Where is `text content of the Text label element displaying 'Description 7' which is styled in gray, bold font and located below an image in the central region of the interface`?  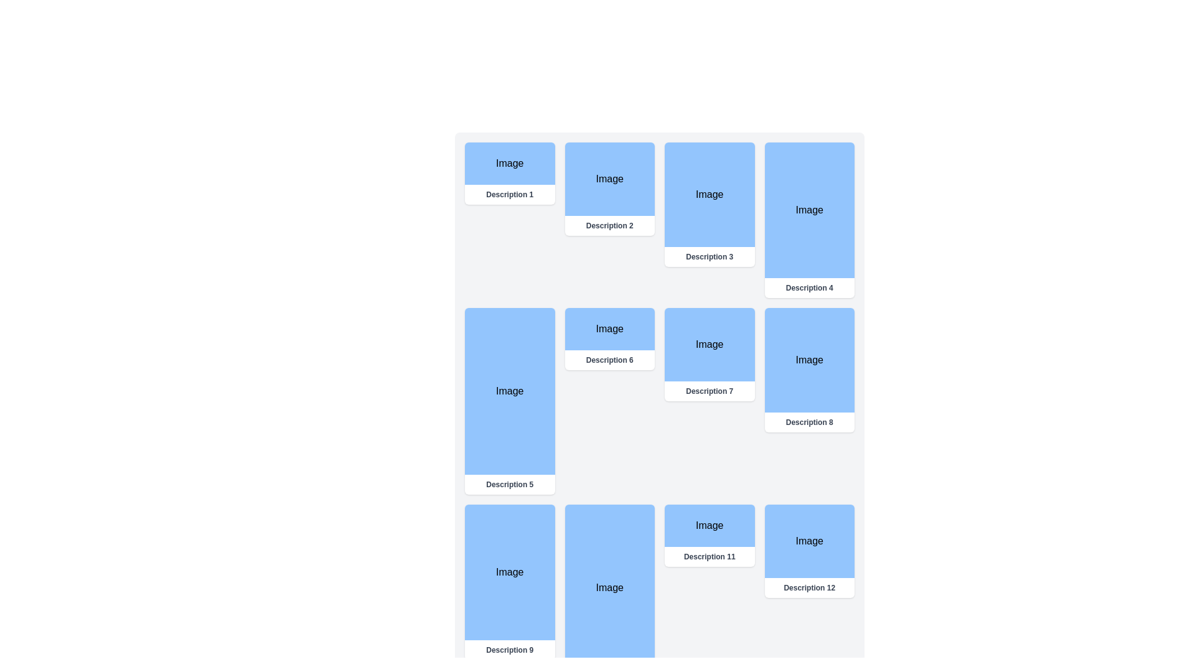
text content of the Text label element displaying 'Description 7' which is styled in gray, bold font and located below an image in the central region of the interface is located at coordinates (710, 390).